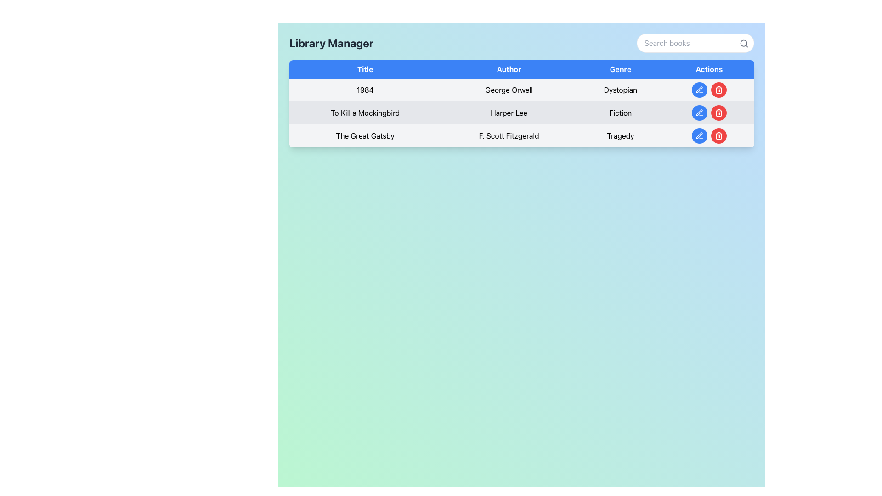  What do you see at coordinates (522, 136) in the screenshot?
I see `data displayed in the third table row containing 'The Great Gatsby', 'F. Scott Fitzgerald', and 'Tragedy'` at bounding box center [522, 136].